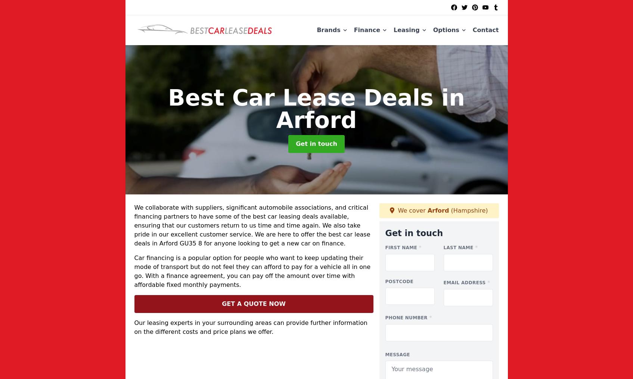  Describe the element at coordinates (393, 29) in the screenshot. I see `'Leasing'` at that location.